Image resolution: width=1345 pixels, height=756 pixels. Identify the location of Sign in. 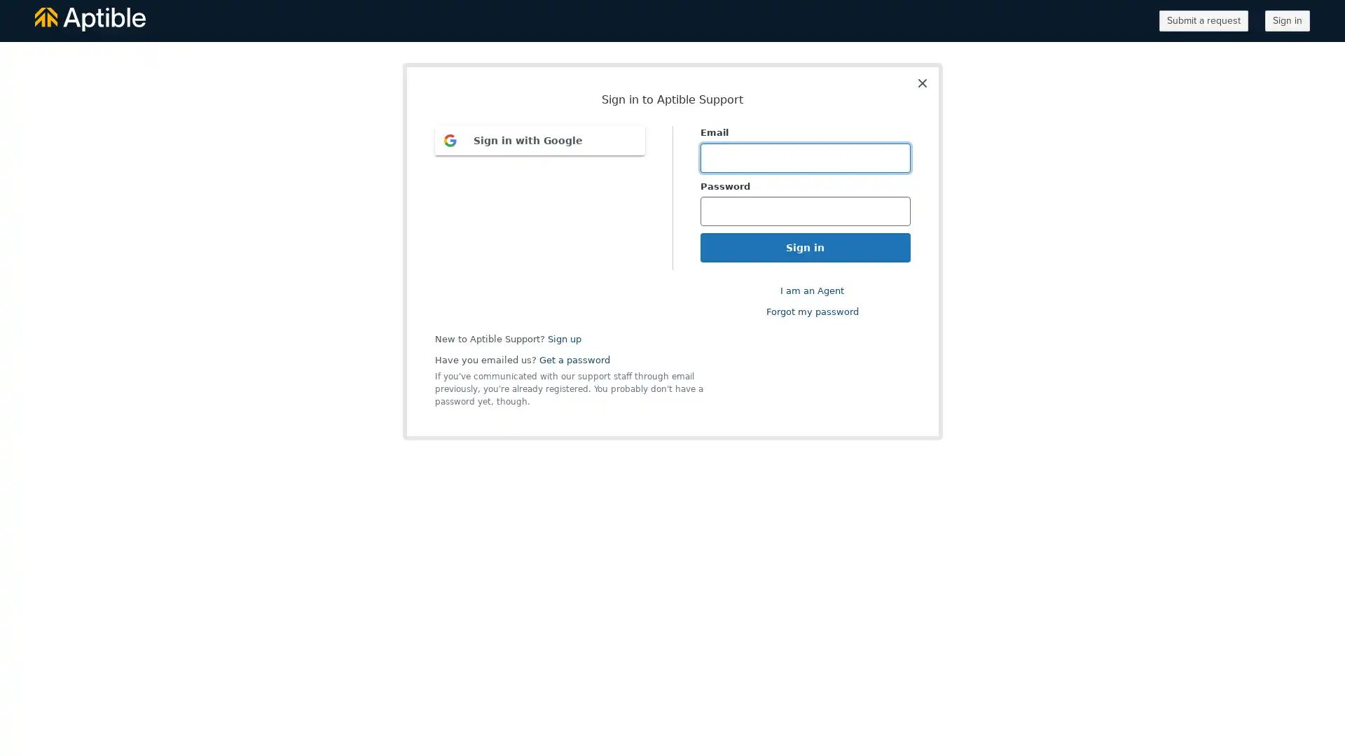
(1288, 21).